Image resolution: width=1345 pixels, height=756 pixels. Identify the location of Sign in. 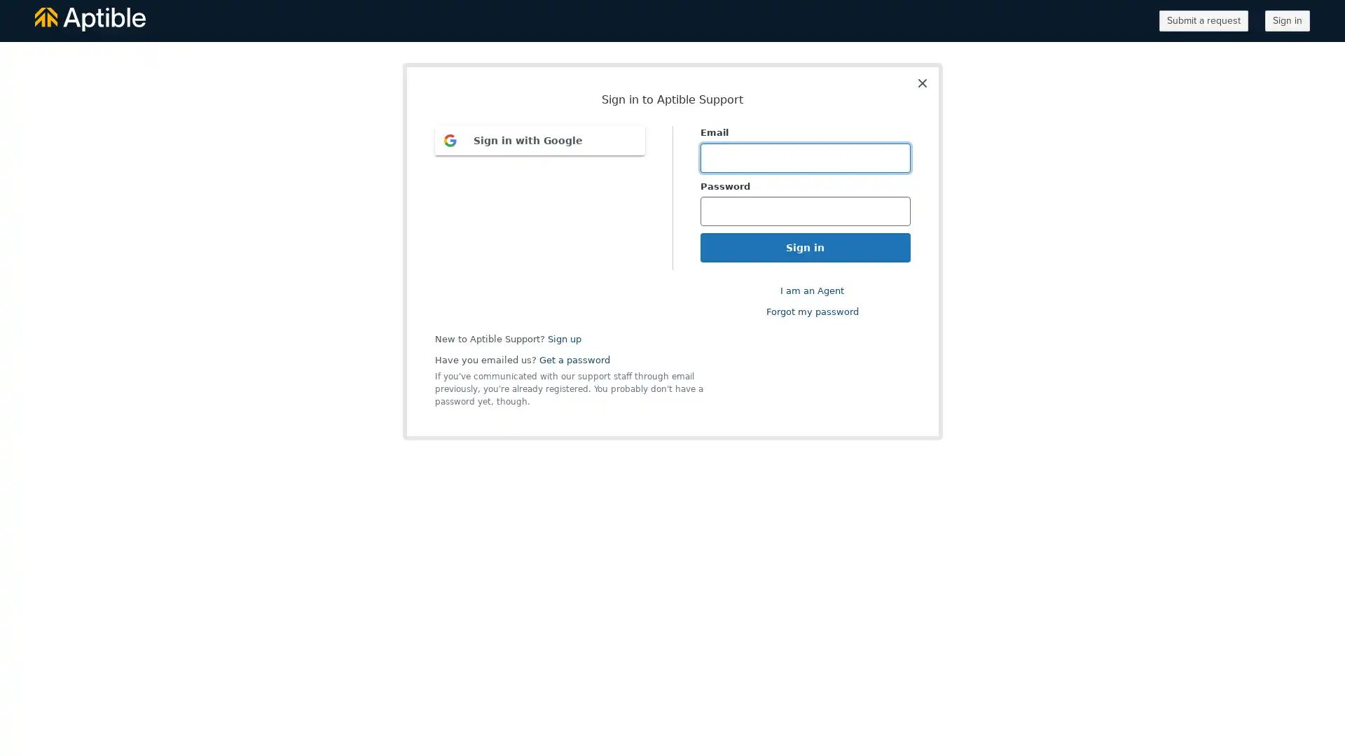
(1288, 21).